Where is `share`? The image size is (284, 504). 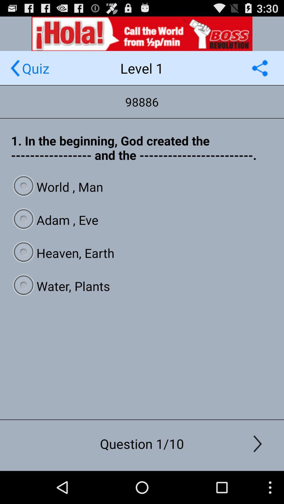 share is located at coordinates (260, 68).